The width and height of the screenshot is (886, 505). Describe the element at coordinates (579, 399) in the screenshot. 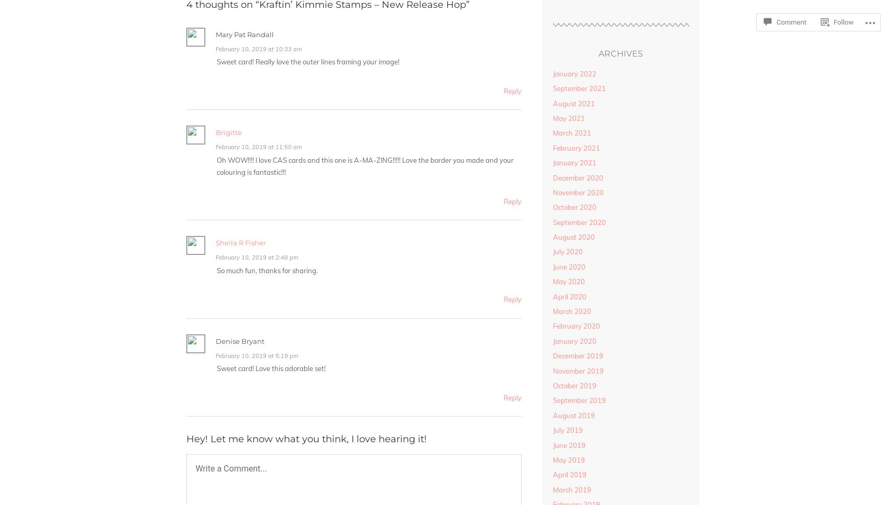

I see `'September 2019'` at that location.